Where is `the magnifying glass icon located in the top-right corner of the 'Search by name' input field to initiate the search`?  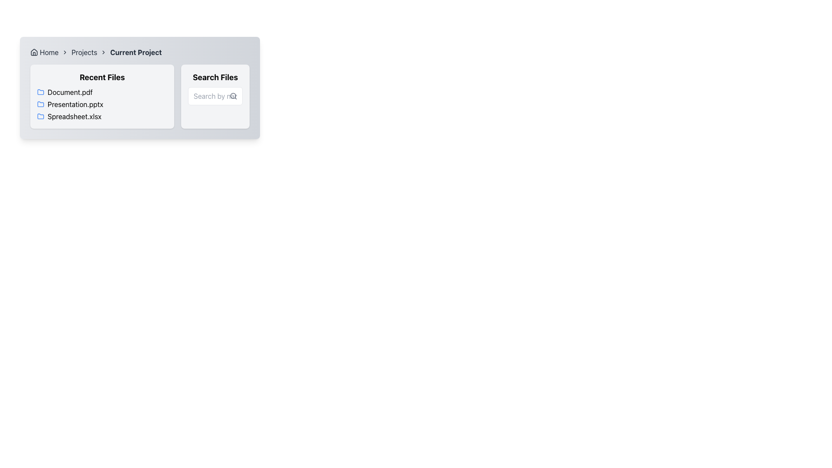 the magnifying glass icon located in the top-right corner of the 'Search by name' input field to initiate the search is located at coordinates (233, 96).